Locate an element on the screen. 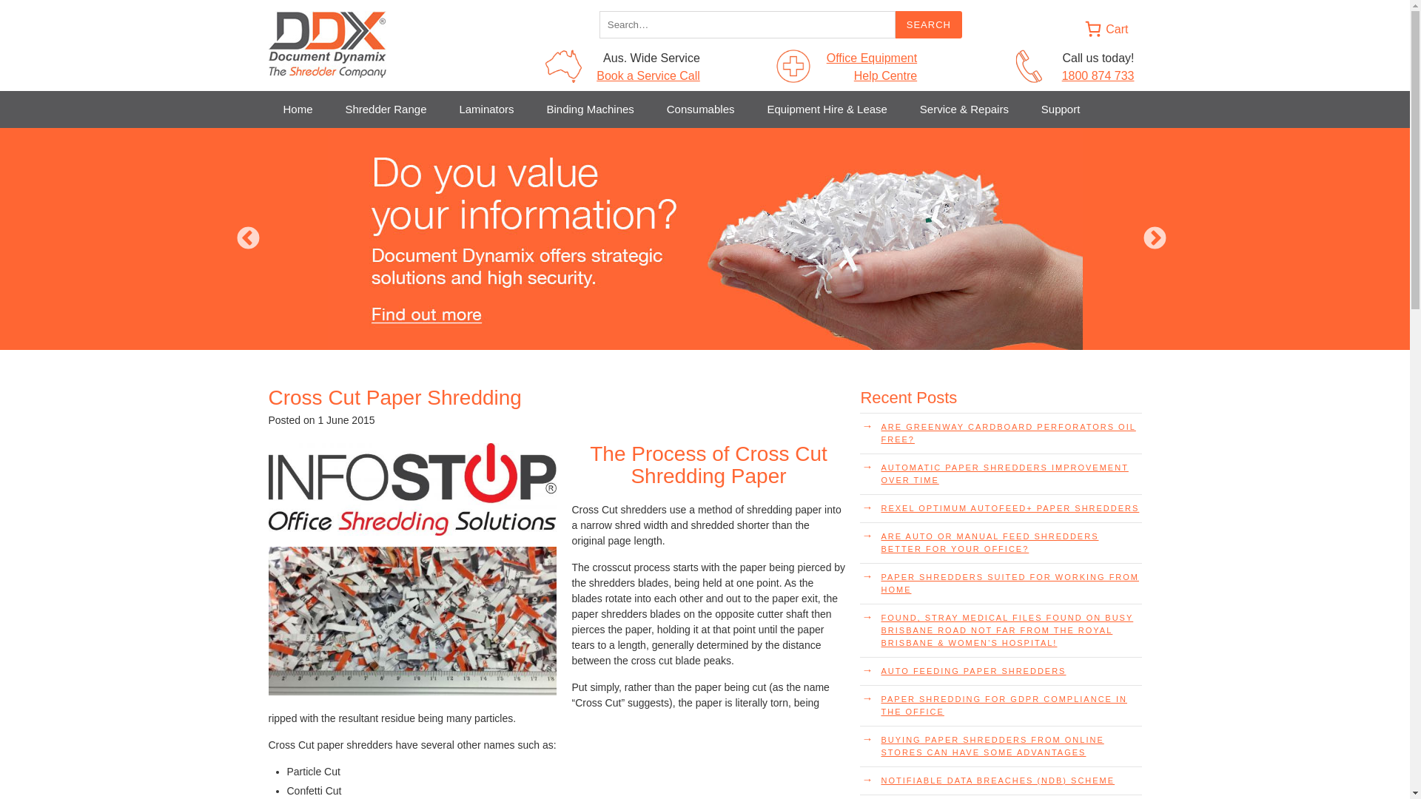 The width and height of the screenshot is (1421, 799). 'NEXT' is located at coordinates (1153, 238).